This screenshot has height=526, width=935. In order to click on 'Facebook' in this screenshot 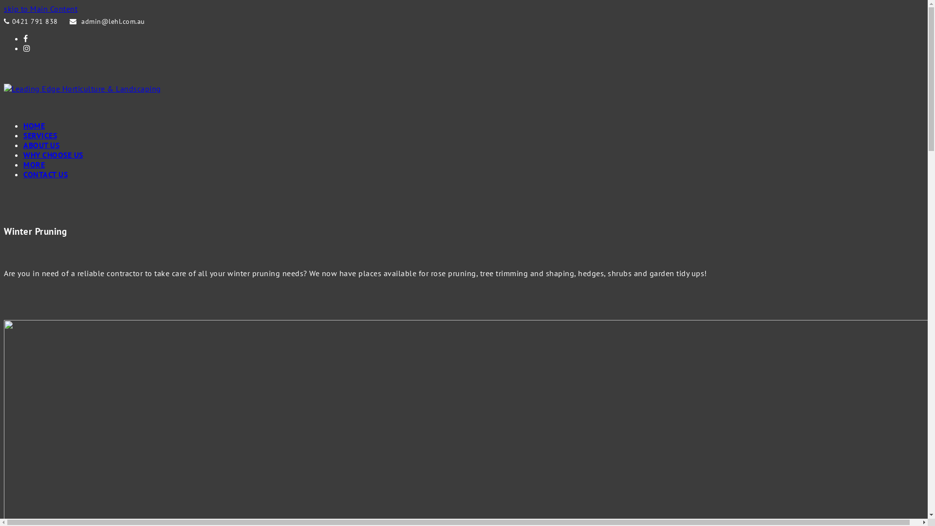, I will do `click(25, 38)`.